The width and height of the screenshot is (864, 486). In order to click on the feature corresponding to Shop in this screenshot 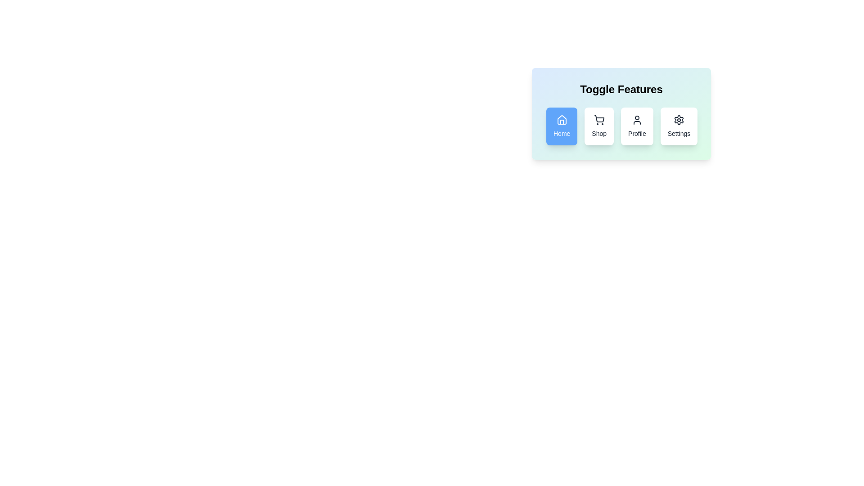, I will do `click(599, 126)`.